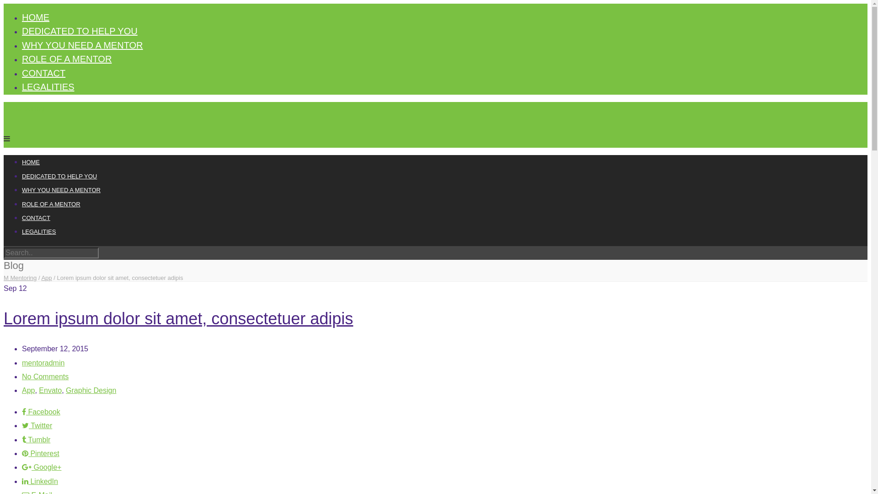  What do you see at coordinates (48, 86) in the screenshot?
I see `'LEGALITIES'` at bounding box center [48, 86].